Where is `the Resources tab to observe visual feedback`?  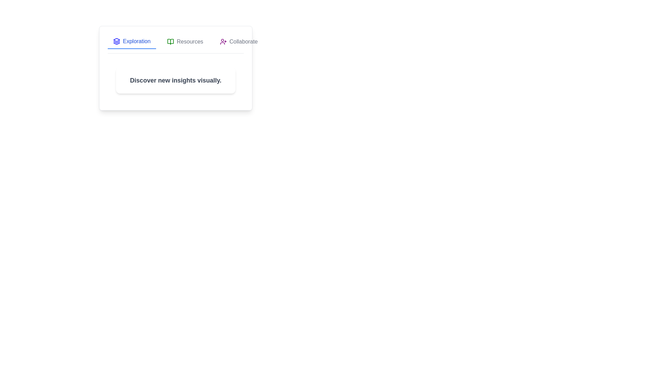
the Resources tab to observe visual feedback is located at coordinates (185, 41).